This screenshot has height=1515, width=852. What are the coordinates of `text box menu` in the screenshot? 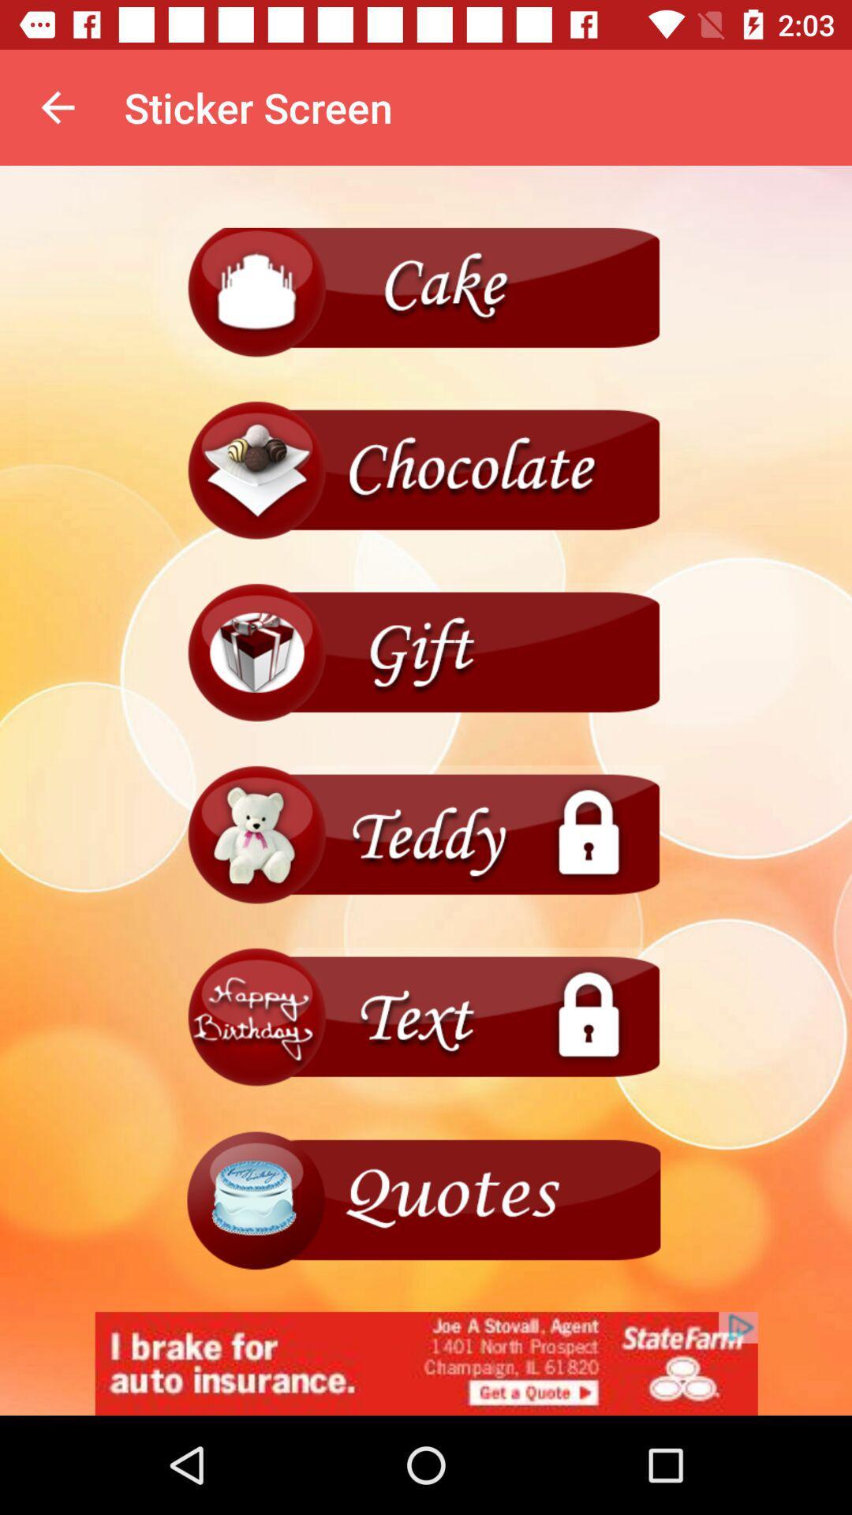 It's located at (426, 1018).